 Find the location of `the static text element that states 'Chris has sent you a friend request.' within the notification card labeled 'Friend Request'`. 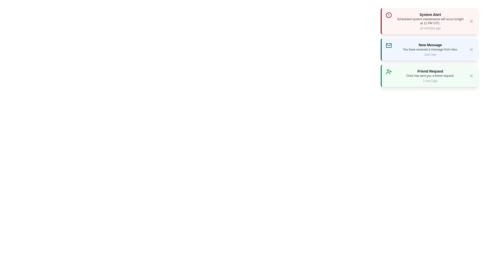

the static text element that states 'Chris has sent you a friend request.' within the notification card labeled 'Friend Request' is located at coordinates (430, 76).